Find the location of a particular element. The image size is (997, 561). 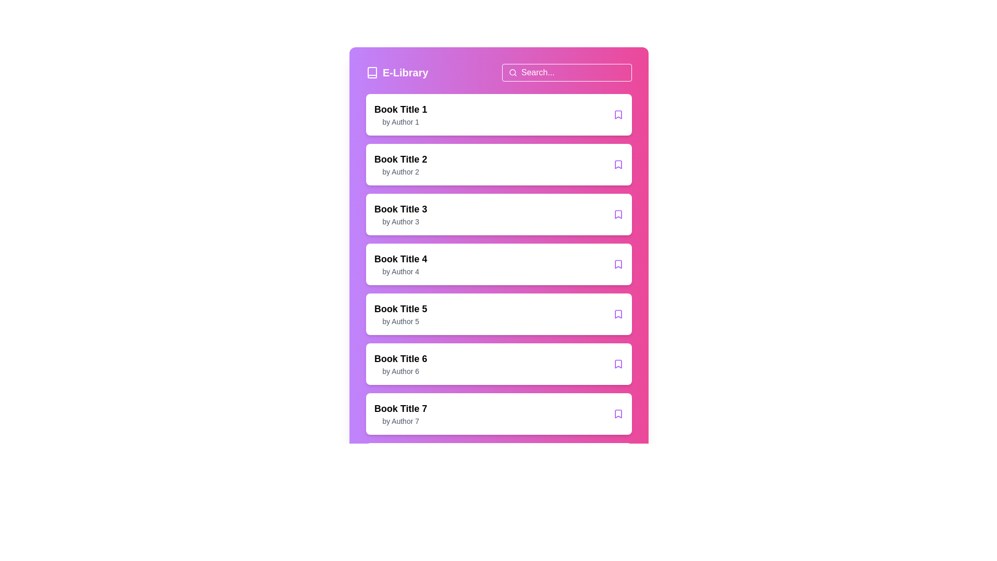

the informational text UI component that presents the title and author of a book in the e-library interface, located in the third row of the vertically stacked list is located at coordinates (400, 213).